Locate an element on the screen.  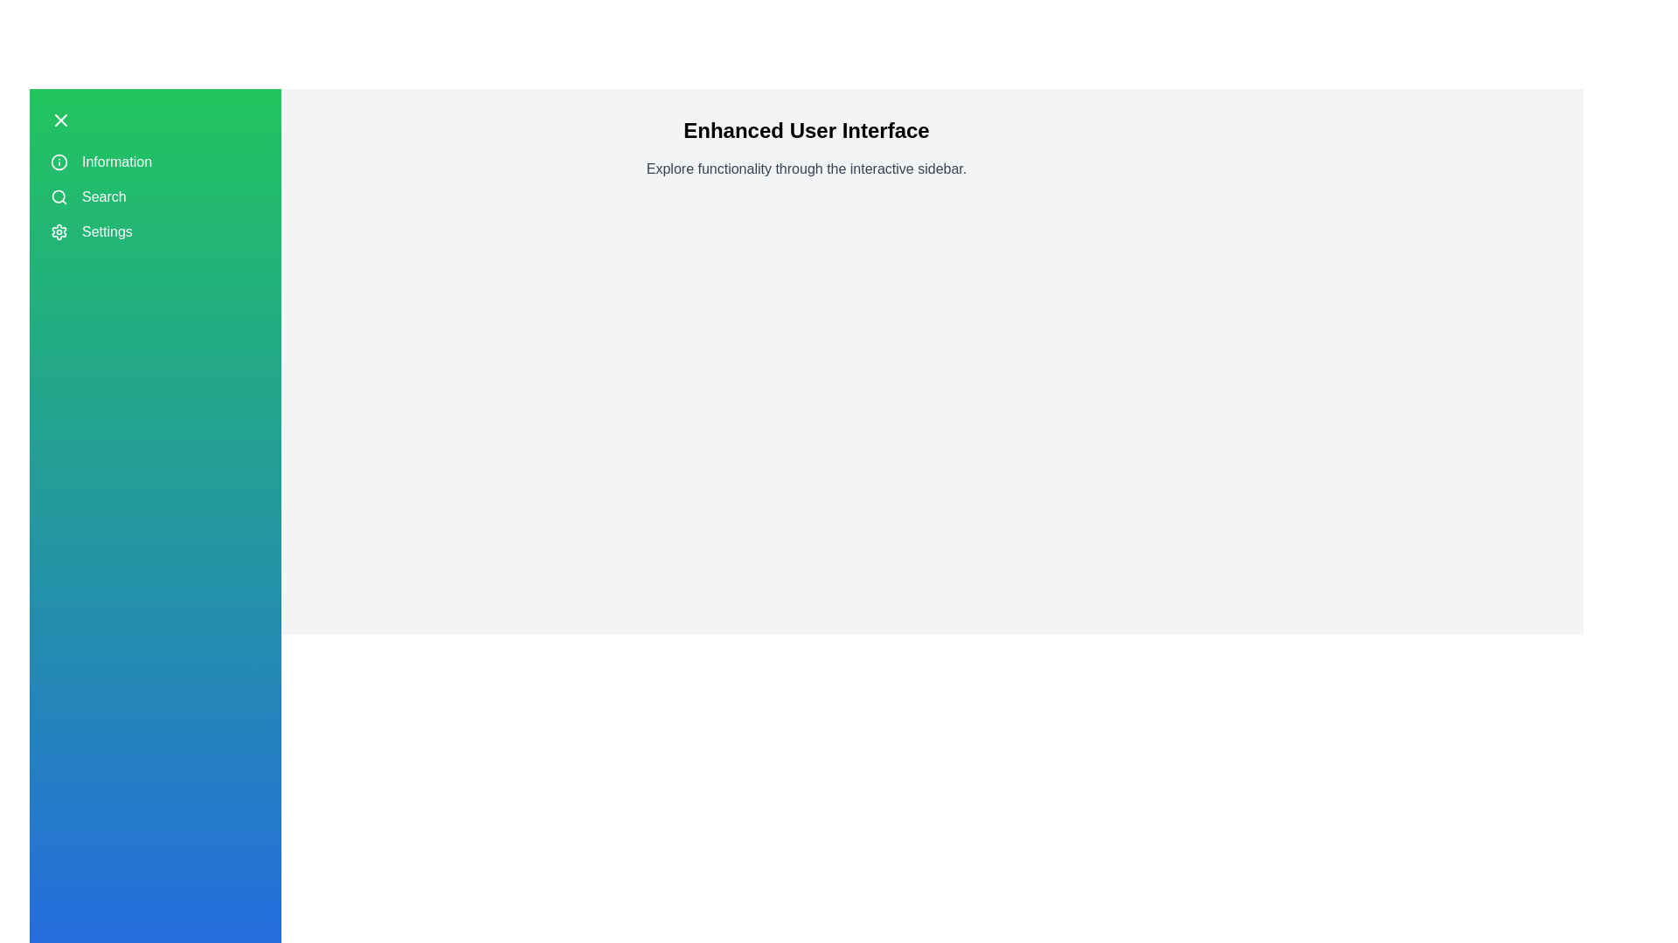
toggle button to expand or collapse the sidebar is located at coordinates (61, 120).